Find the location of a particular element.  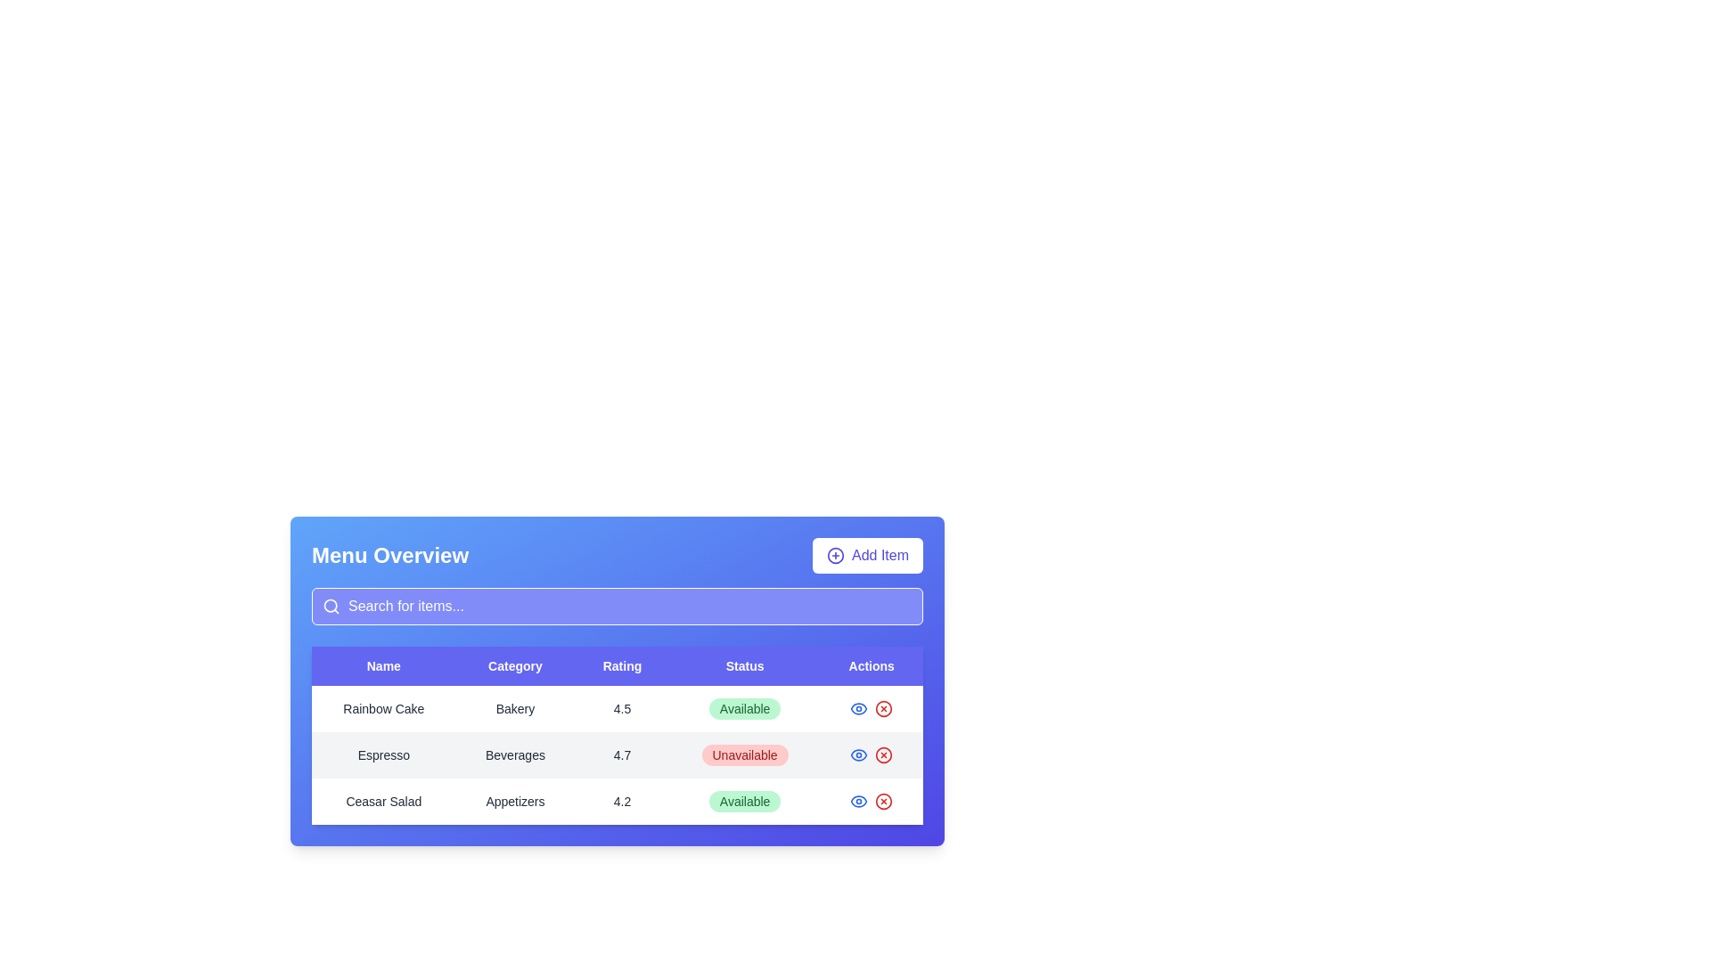

the delete icon button located as the third interactive icon in the 'Actions' column of the 'Caesar Salad' row in the table is located at coordinates (884, 800).